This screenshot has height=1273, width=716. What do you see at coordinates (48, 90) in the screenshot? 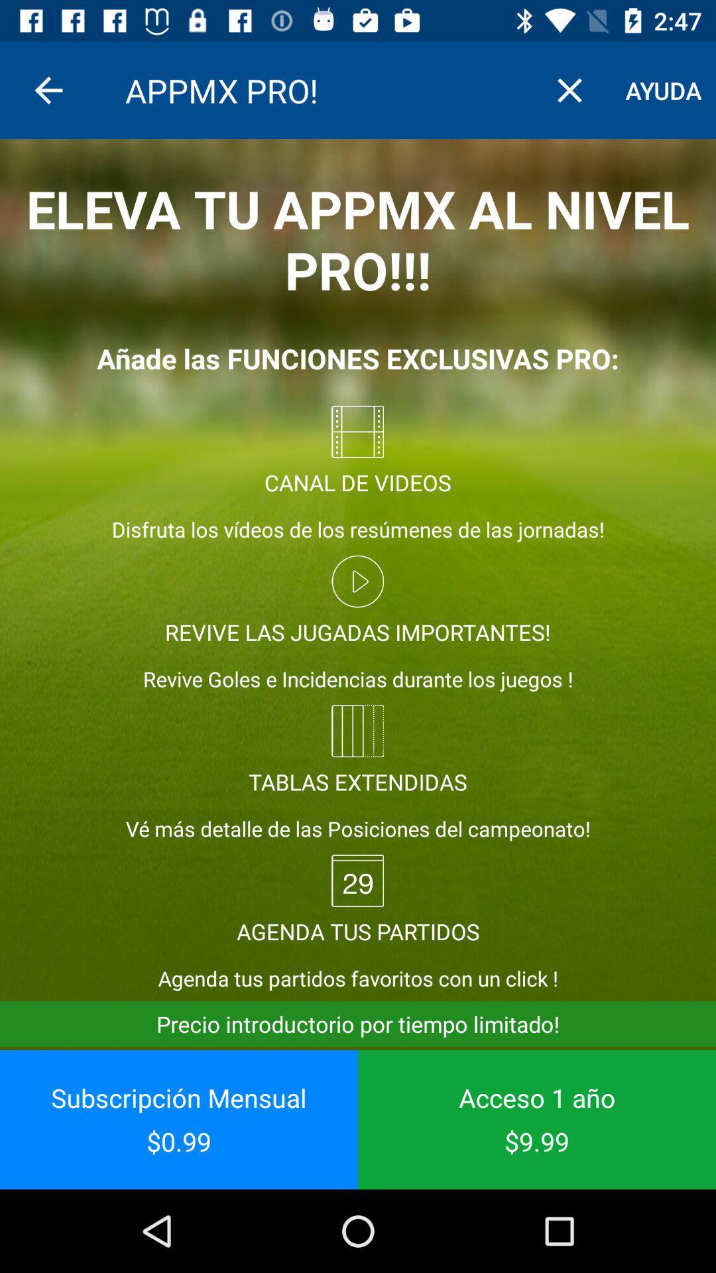
I see `item above eleva tu appmx item` at bounding box center [48, 90].